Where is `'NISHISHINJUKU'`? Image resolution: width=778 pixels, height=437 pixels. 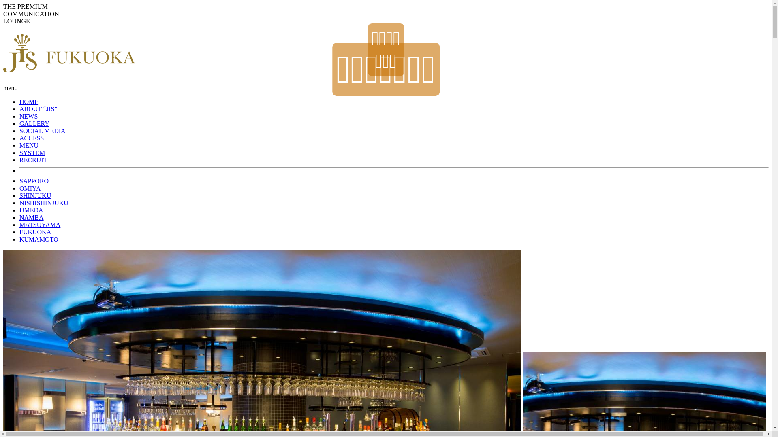 'NISHISHINJUKU' is located at coordinates (43, 202).